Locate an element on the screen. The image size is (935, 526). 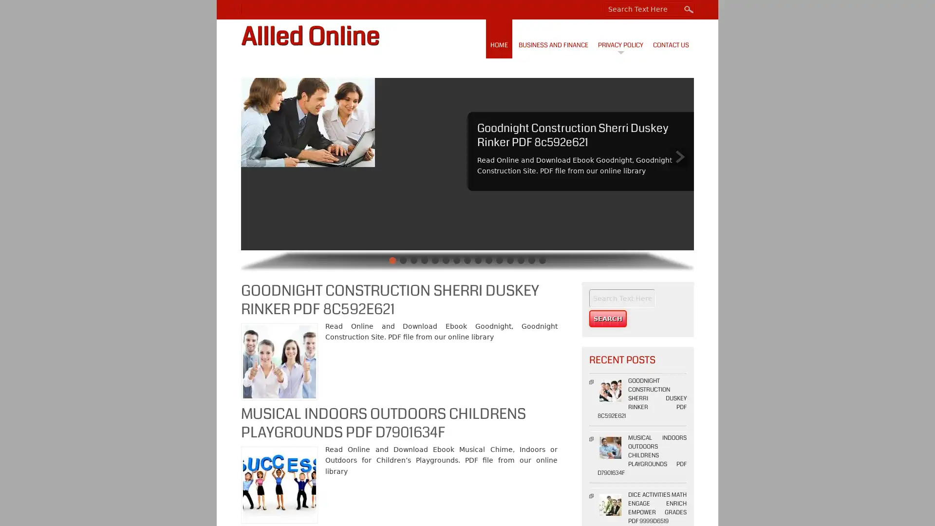
Search is located at coordinates (607, 319).